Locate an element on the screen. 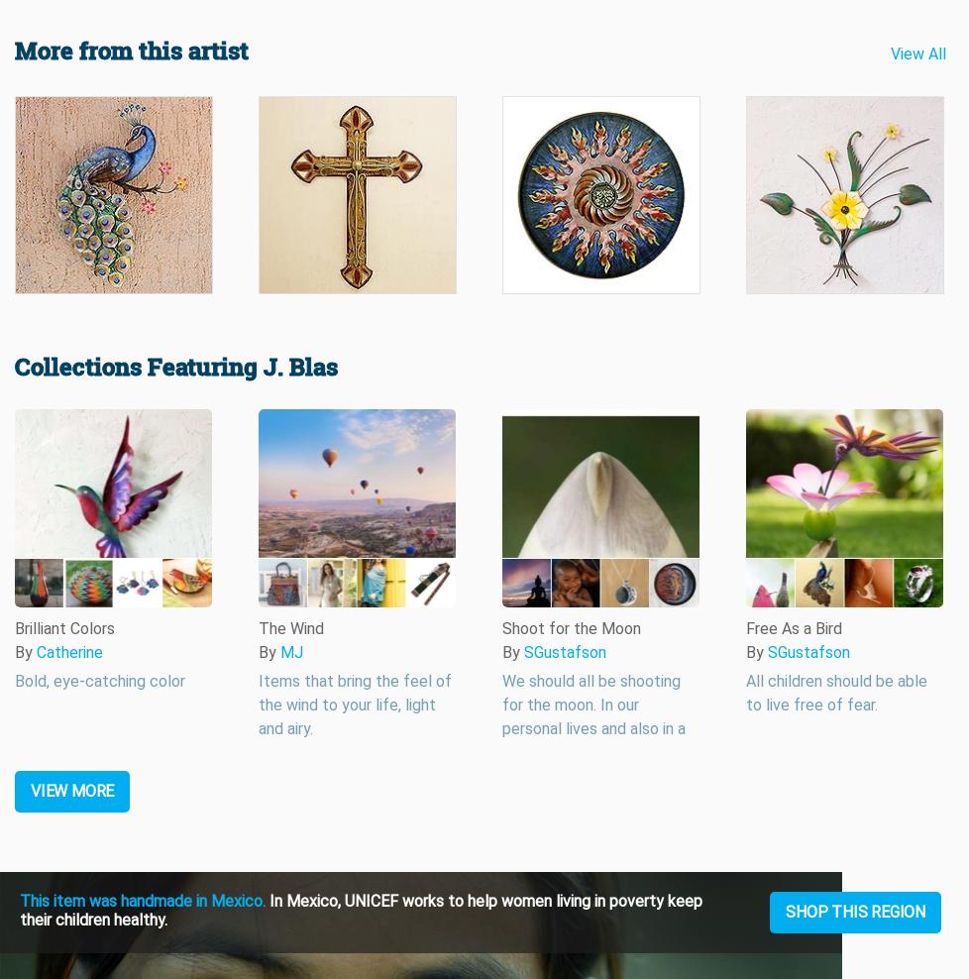  'Shoot for the Moon' is located at coordinates (572, 627).